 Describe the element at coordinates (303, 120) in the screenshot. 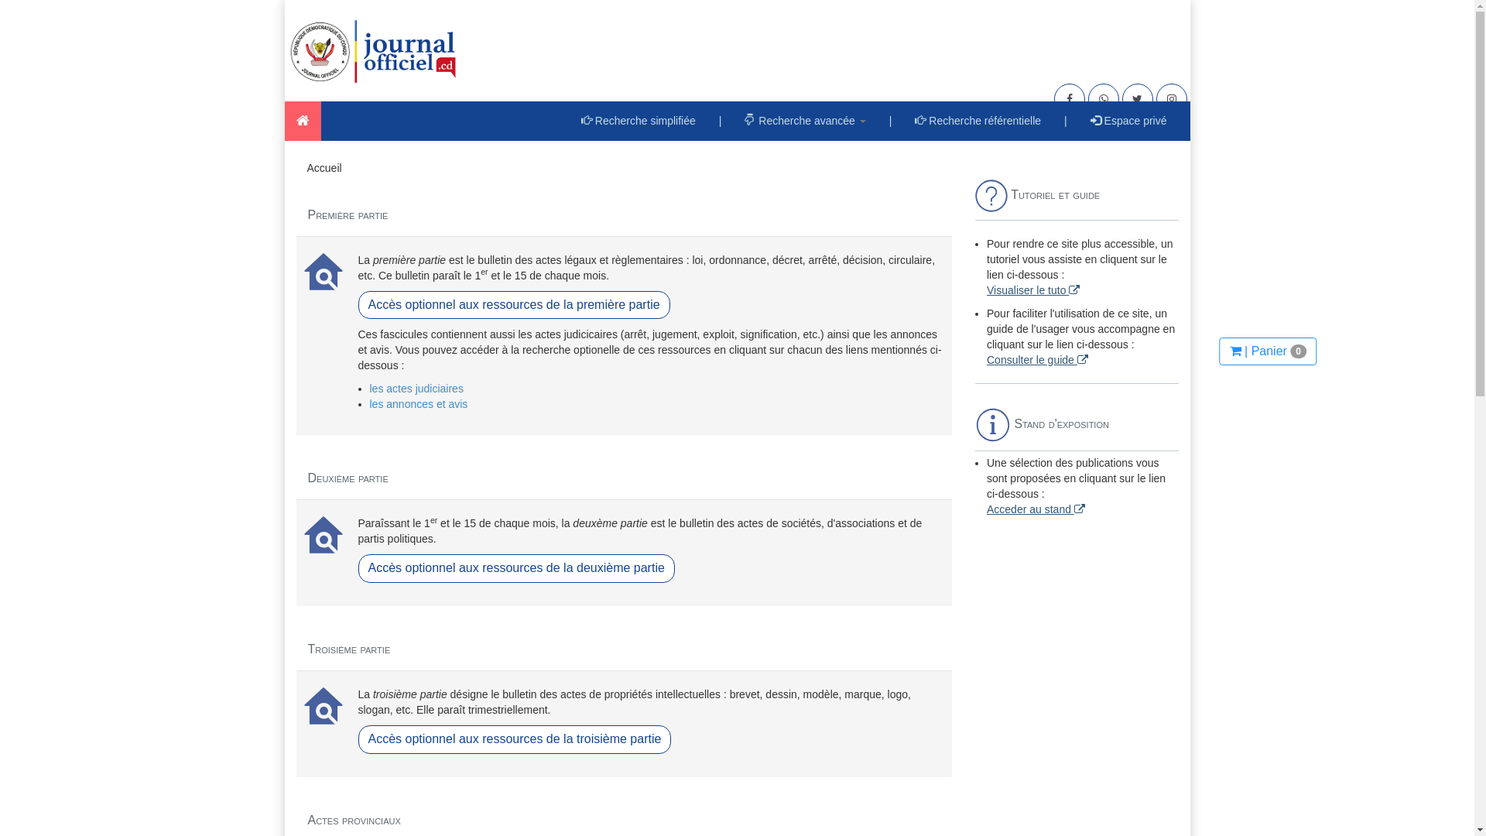

I see `'Jordc'` at that location.